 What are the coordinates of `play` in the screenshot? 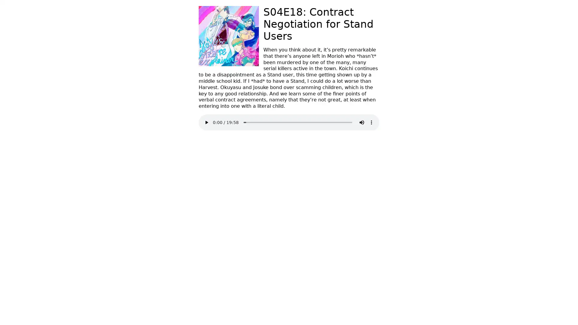 It's located at (207, 122).